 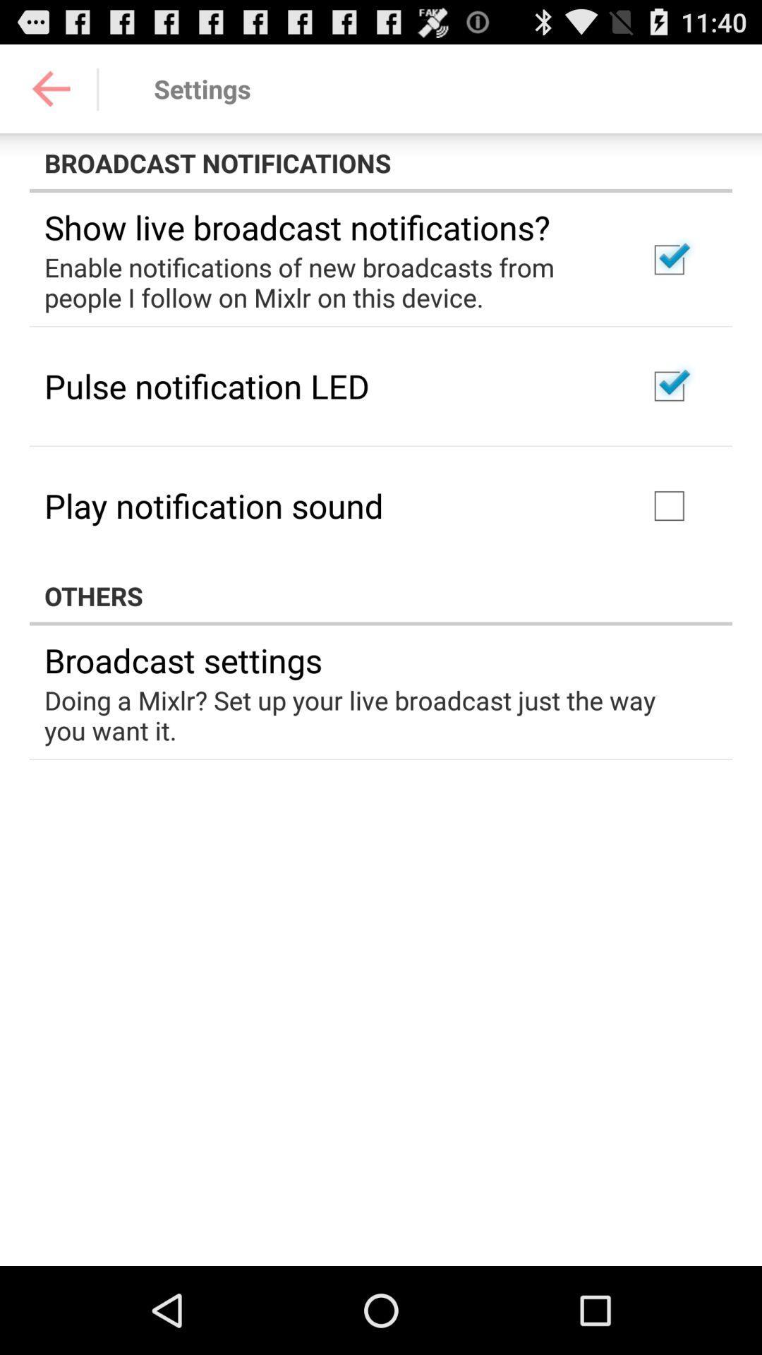 I want to click on the broadcast settings app, so click(x=182, y=659).